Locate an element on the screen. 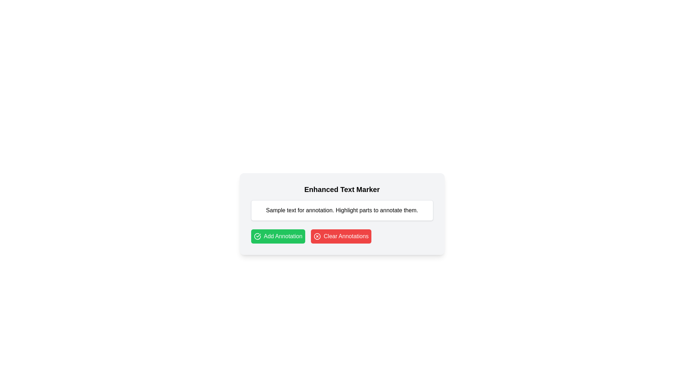 This screenshot has height=384, width=683. the space element located between the words 'Highlight' and 'parts' in the single-line text box containing 'Sample text for annotation.' is located at coordinates (359, 210).